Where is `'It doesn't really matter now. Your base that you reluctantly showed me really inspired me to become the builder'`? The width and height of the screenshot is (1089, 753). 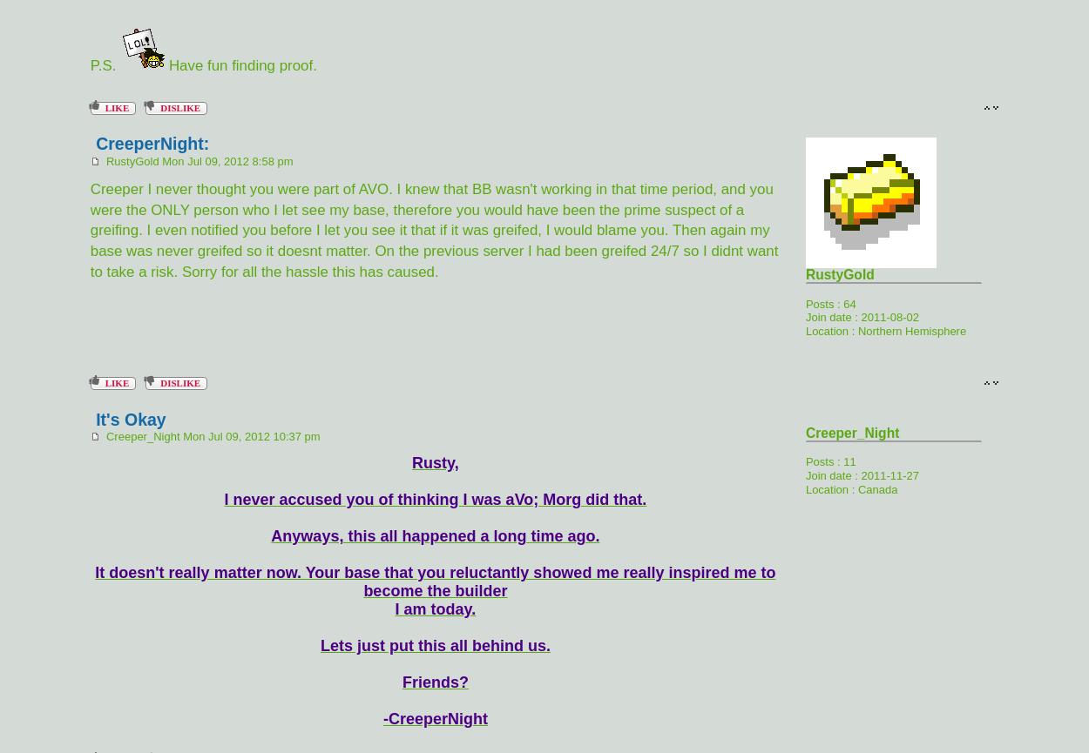 'It doesn't really matter now. Your base that you reluctantly showed me really inspired me to become the builder' is located at coordinates (434, 582).